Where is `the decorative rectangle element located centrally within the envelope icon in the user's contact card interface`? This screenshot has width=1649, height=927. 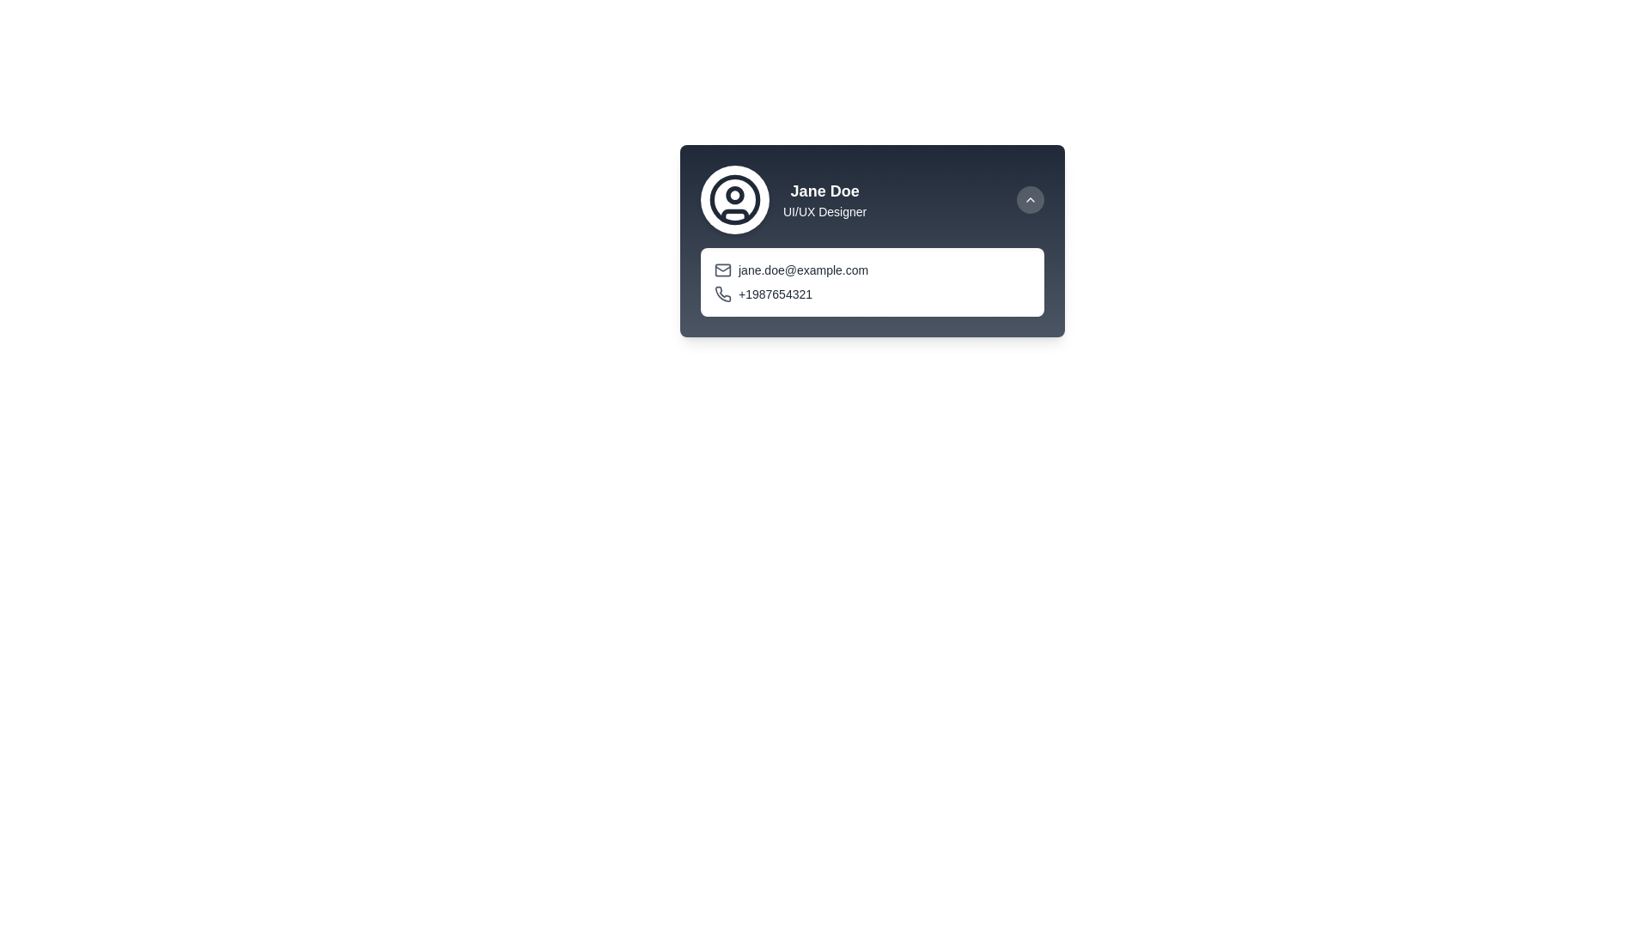
the decorative rectangle element located centrally within the envelope icon in the user's contact card interface is located at coordinates (722, 270).